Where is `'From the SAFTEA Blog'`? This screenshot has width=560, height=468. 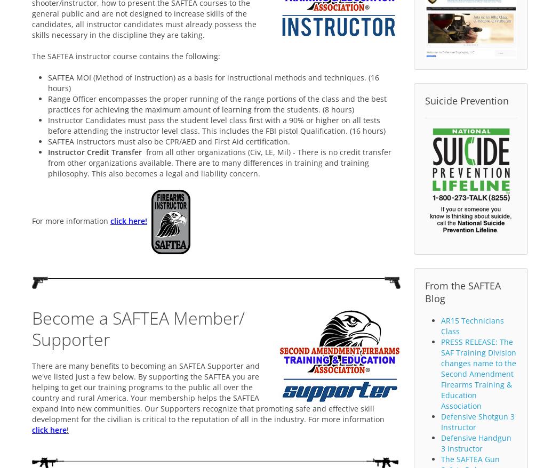 'From the SAFTEA Blog' is located at coordinates (424, 291).